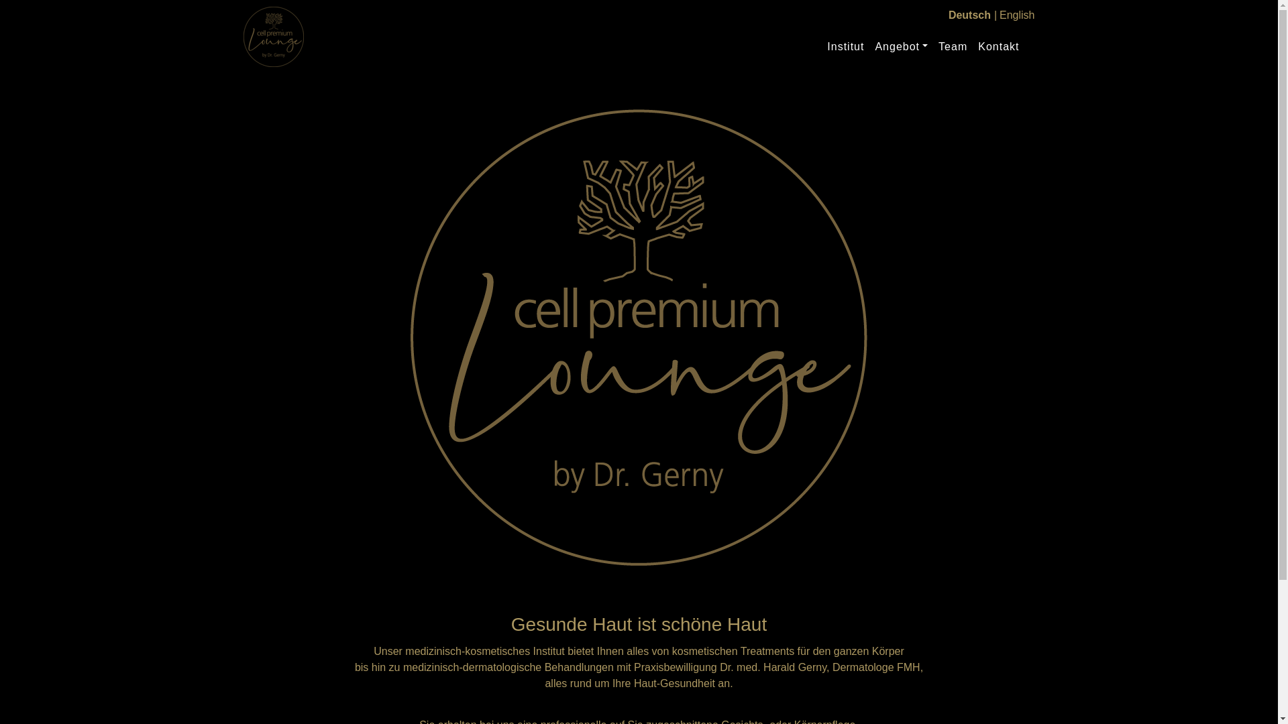 The width and height of the screenshot is (1288, 724). I want to click on 'Kontakt', so click(998, 46).